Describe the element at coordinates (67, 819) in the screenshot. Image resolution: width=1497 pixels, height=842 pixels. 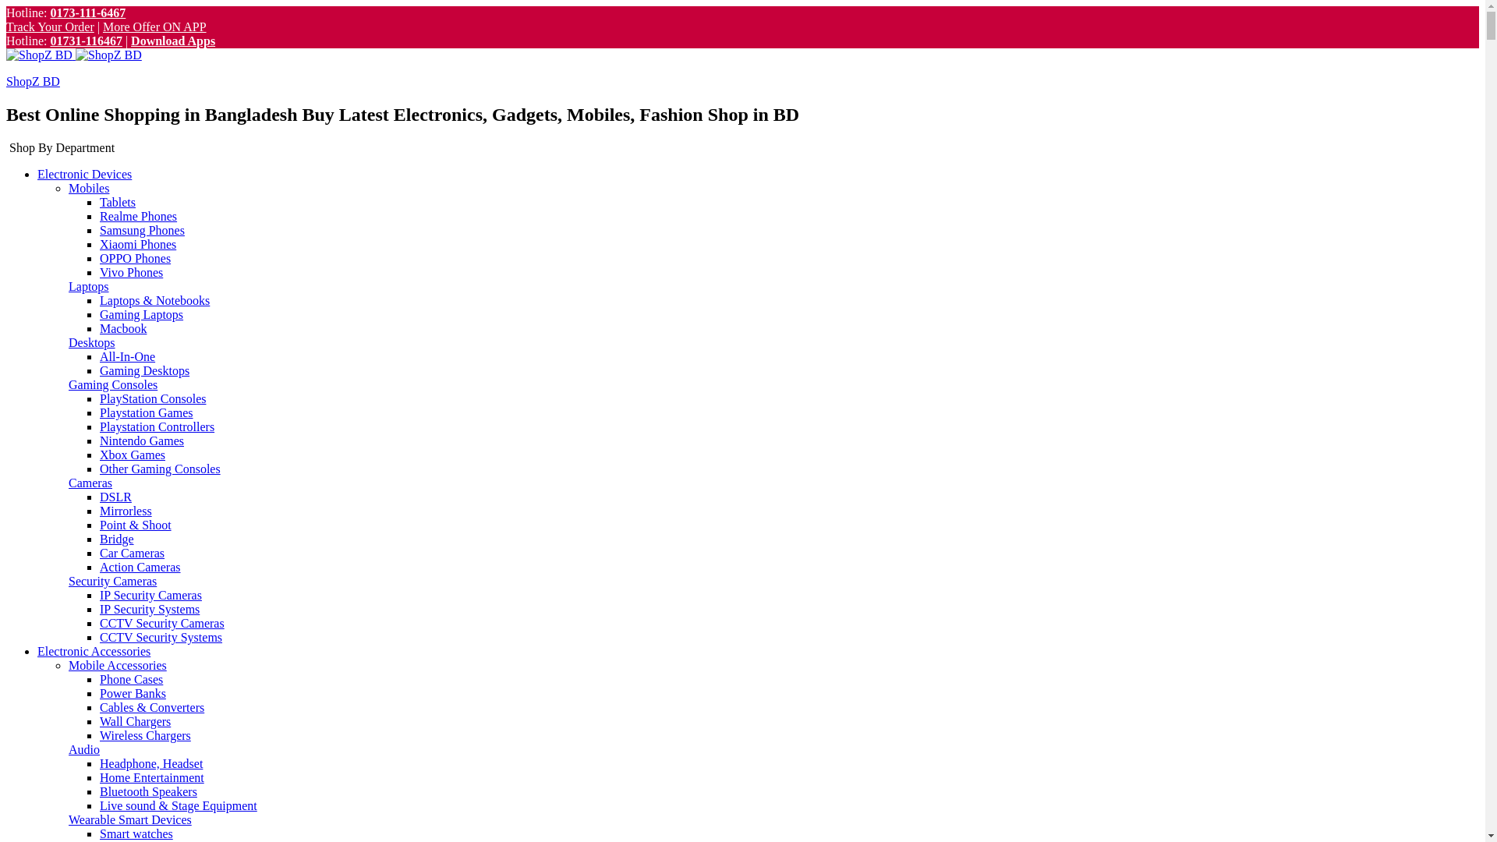
I see `'Wearable Smart Devices'` at that location.